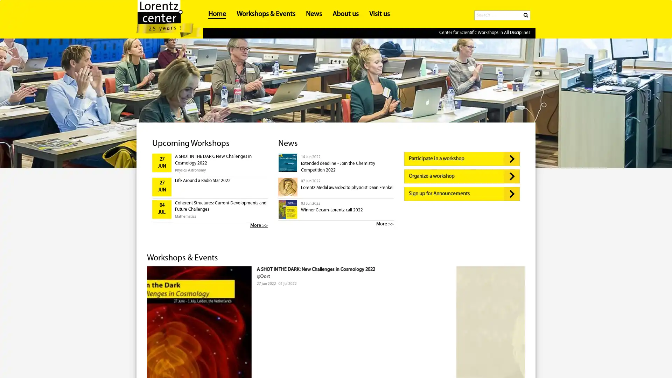 The height and width of the screenshot is (378, 672). Describe the element at coordinates (462, 176) in the screenshot. I see `Organize a workshop` at that location.